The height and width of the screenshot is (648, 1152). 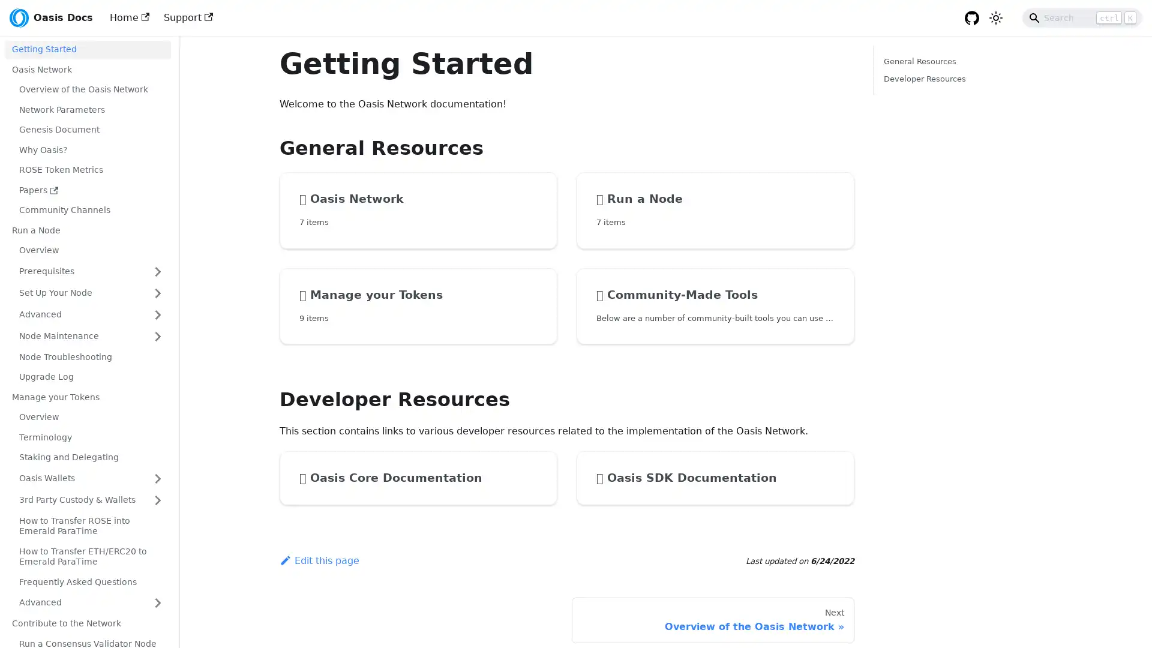 What do you see at coordinates (157, 335) in the screenshot?
I see `Toggle the collapsible sidebar category 'Node Maintenance'` at bounding box center [157, 335].